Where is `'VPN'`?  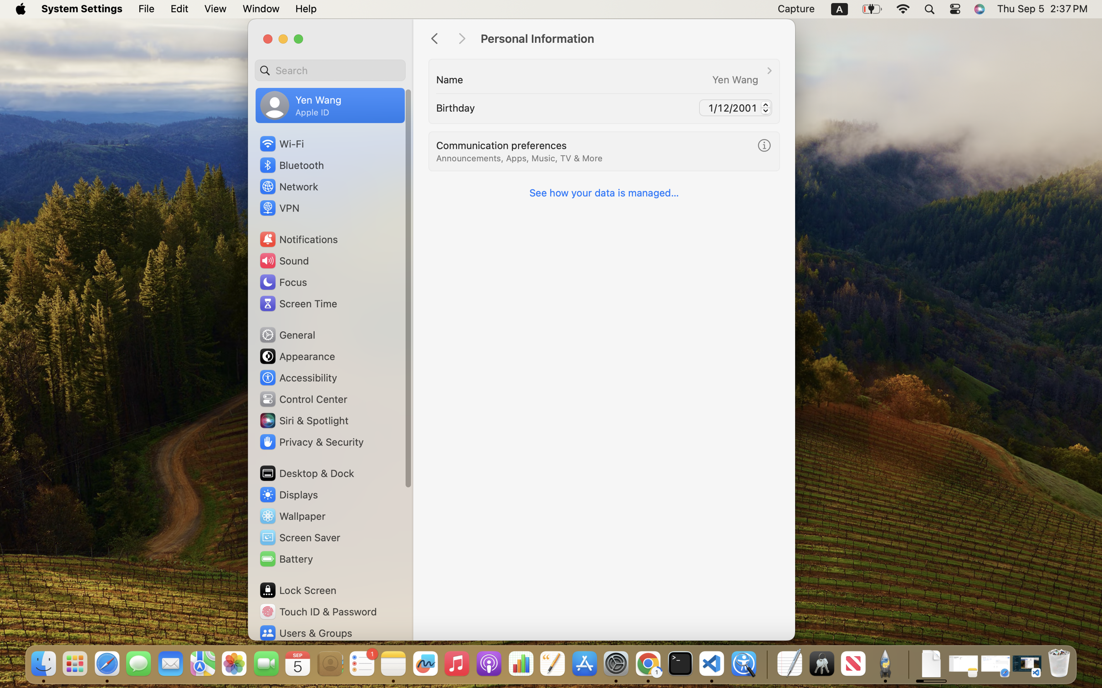 'VPN' is located at coordinates (279, 207).